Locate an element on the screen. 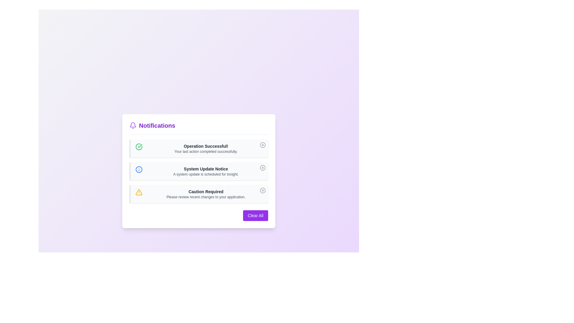  informational icon located inside the second notification entry under the heading 'System Update Notice', which has a circular outline on the left is located at coordinates (139, 169).